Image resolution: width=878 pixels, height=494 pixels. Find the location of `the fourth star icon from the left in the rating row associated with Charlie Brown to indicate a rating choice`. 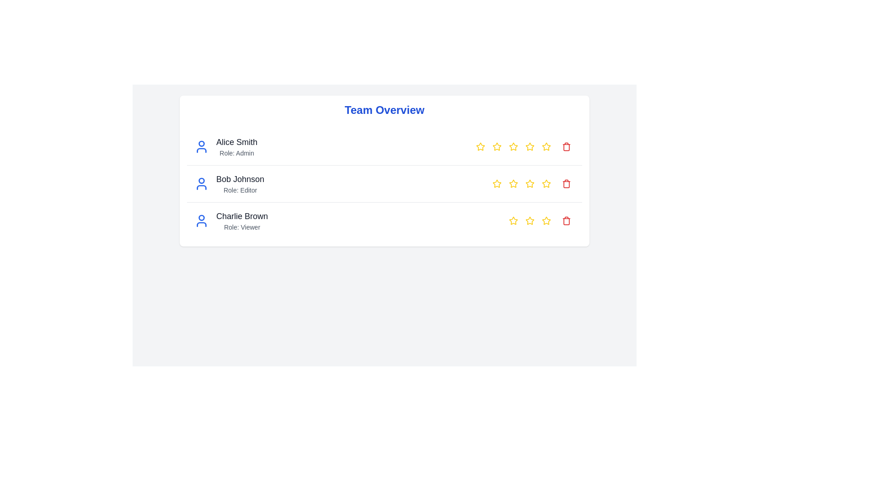

the fourth star icon from the left in the rating row associated with Charlie Brown to indicate a rating choice is located at coordinates (546, 220).